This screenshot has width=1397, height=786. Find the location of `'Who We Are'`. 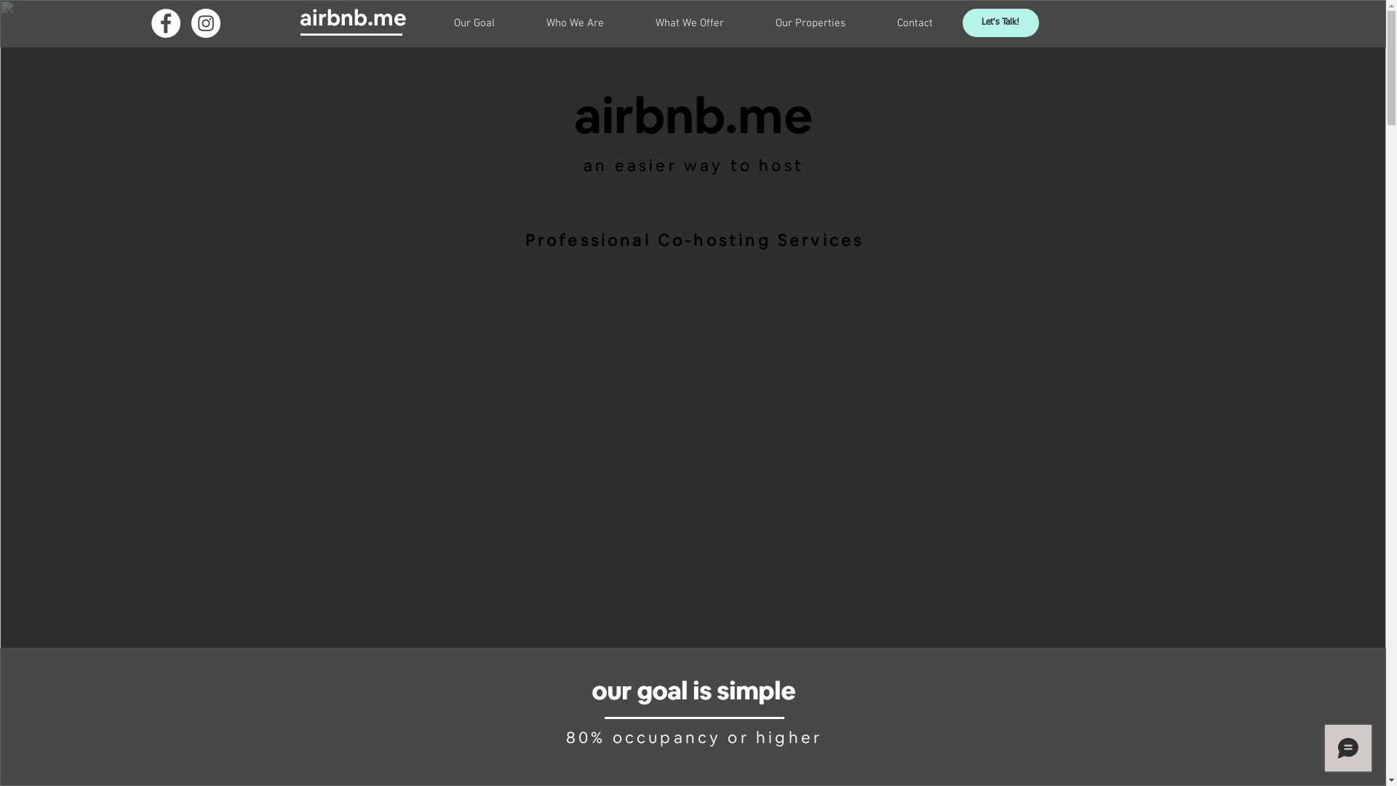

'Who We Are' is located at coordinates (575, 23).